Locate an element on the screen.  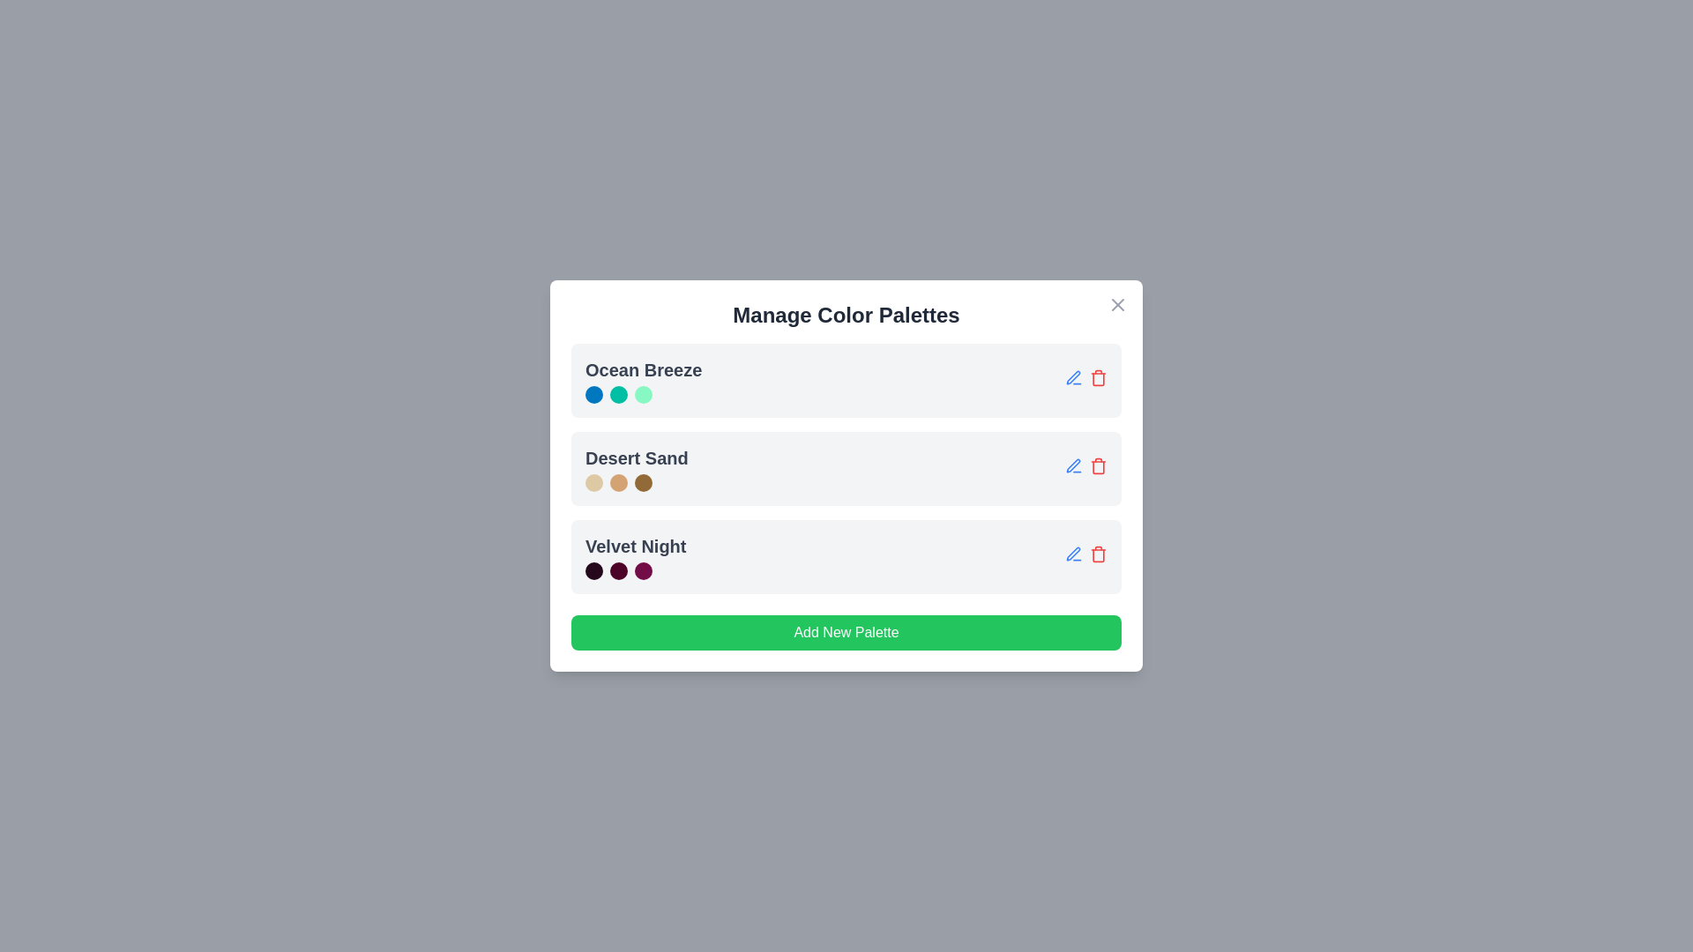
the color palette named Velvet Night by clicking on its associated delete icon is located at coordinates (1098, 553).